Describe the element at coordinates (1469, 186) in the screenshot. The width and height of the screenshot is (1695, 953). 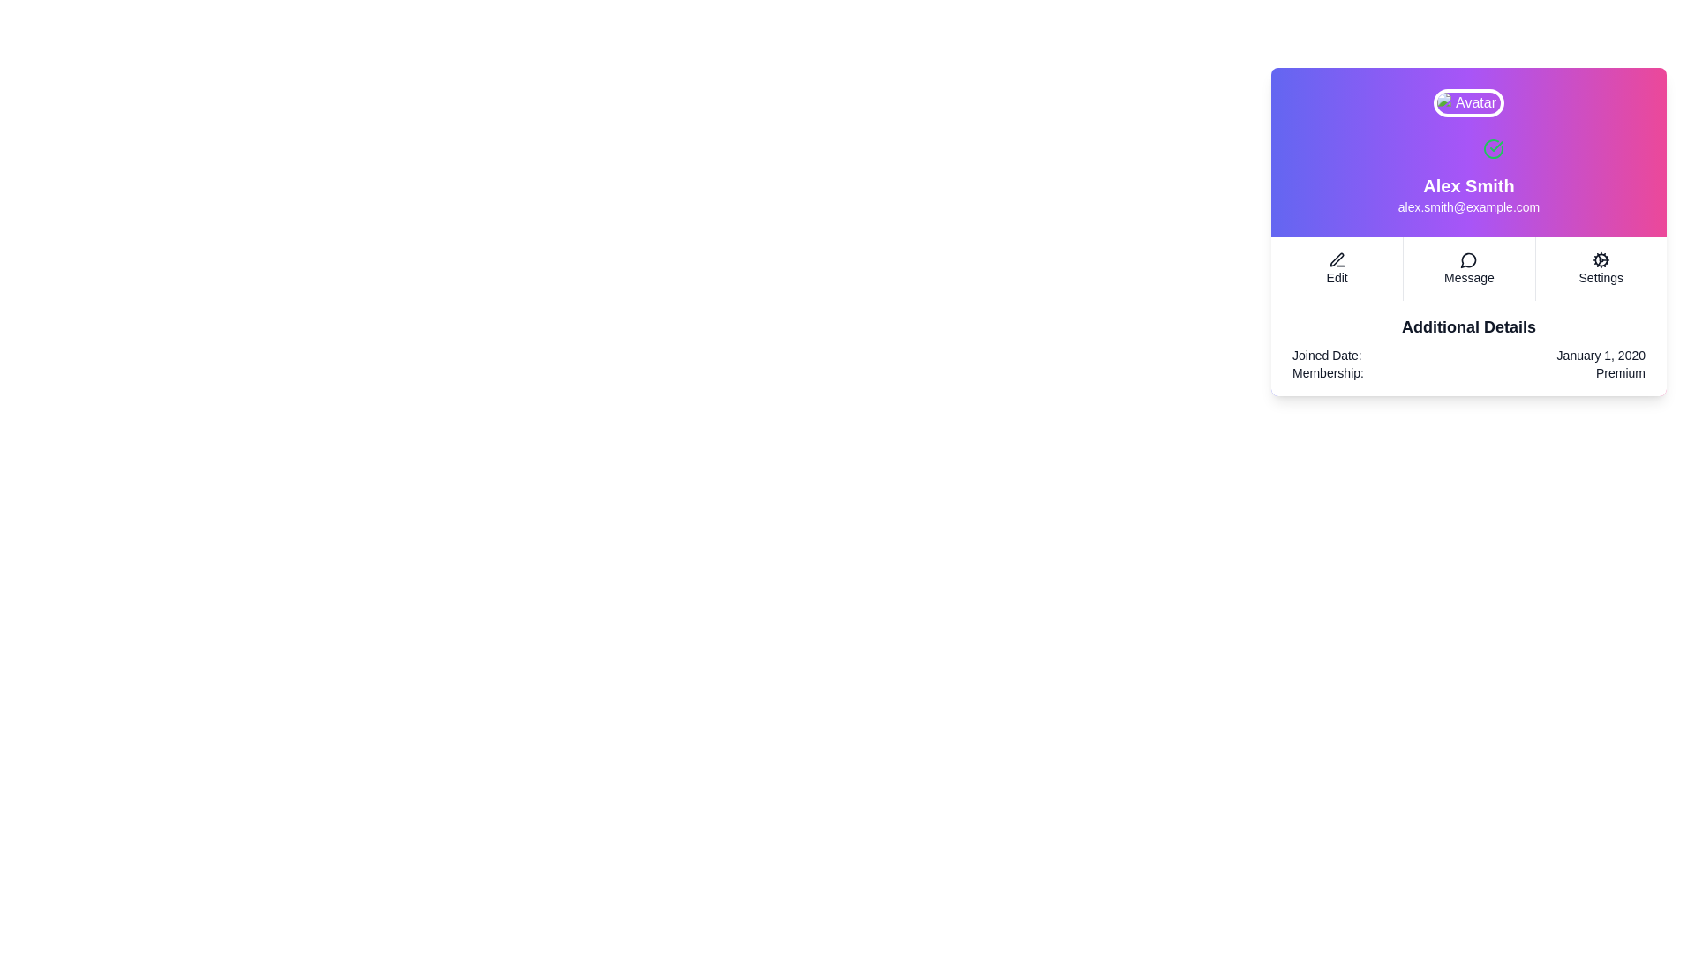
I see `the text label displaying the user's name, located at the top center of the user profile card, beneath the avatar graphic` at that location.